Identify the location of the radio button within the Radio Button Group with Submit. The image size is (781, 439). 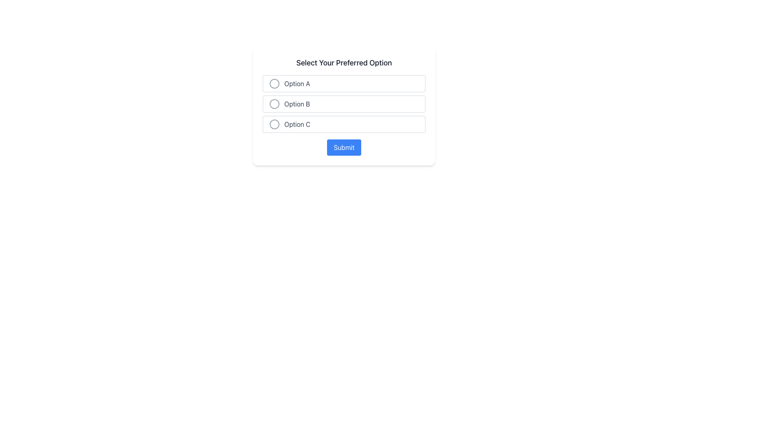
(344, 106).